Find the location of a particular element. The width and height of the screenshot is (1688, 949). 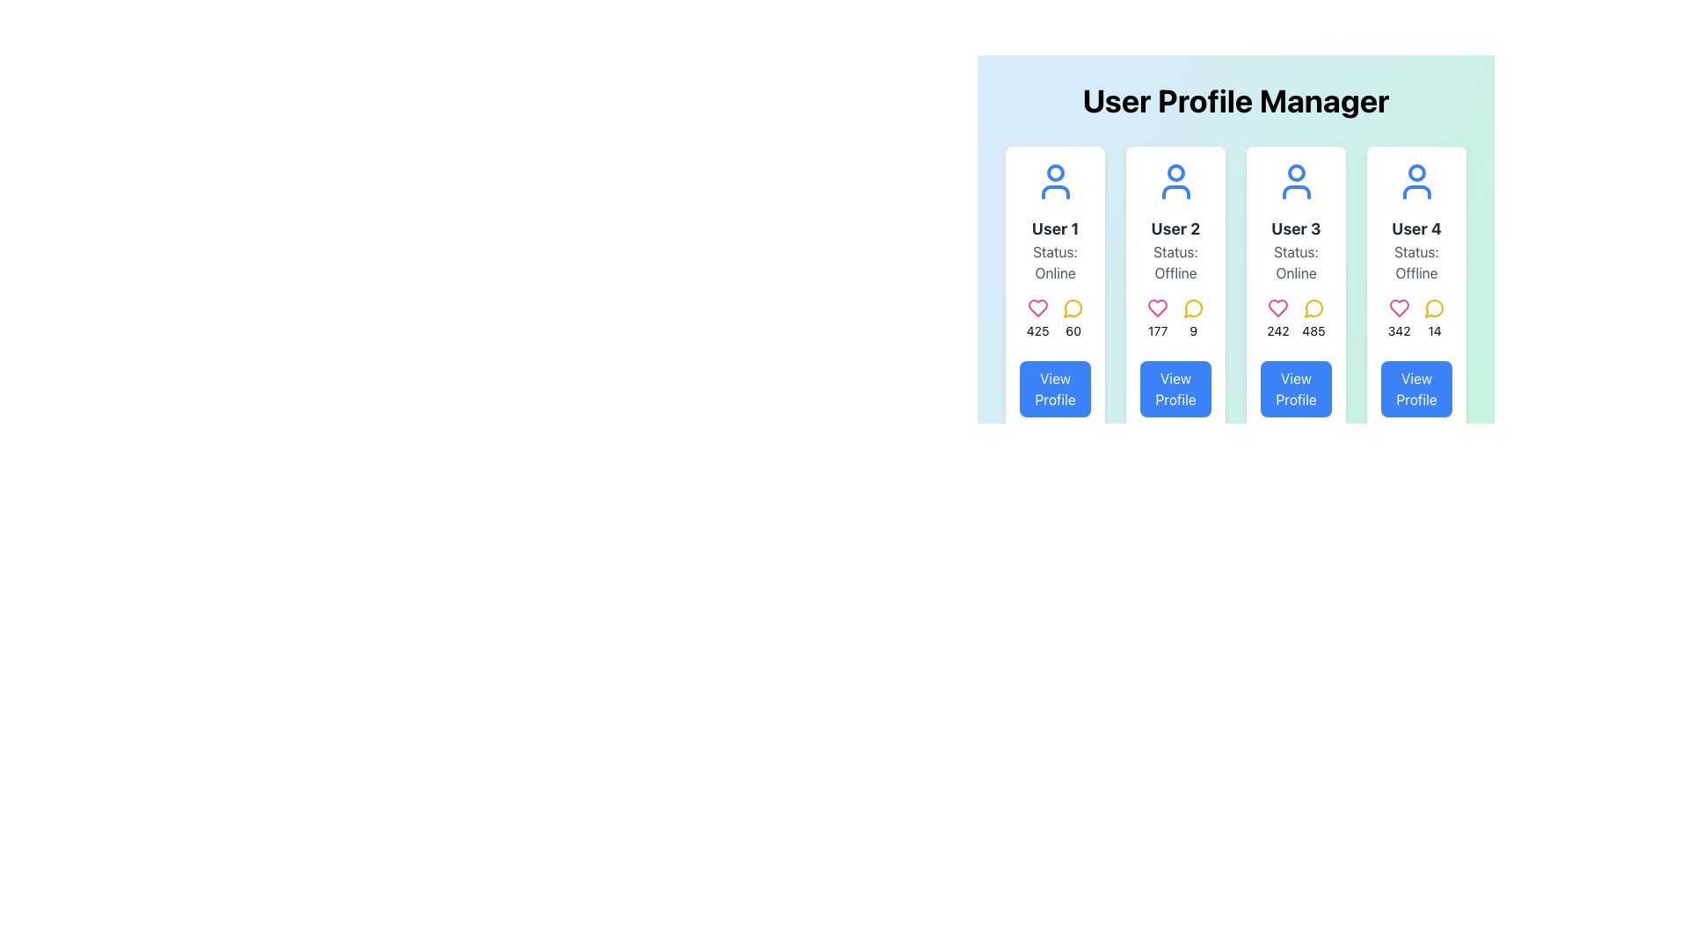

the heart icon and speech bubble icon in the Statistical Display Component of the User 2 card is located at coordinates (1175, 318).